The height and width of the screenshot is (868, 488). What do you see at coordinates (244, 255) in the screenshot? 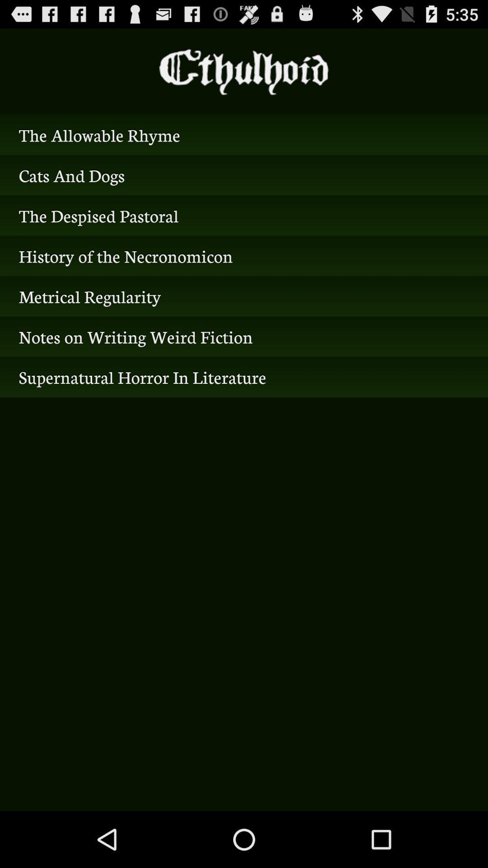
I see `item below the despised pastoral` at bounding box center [244, 255].